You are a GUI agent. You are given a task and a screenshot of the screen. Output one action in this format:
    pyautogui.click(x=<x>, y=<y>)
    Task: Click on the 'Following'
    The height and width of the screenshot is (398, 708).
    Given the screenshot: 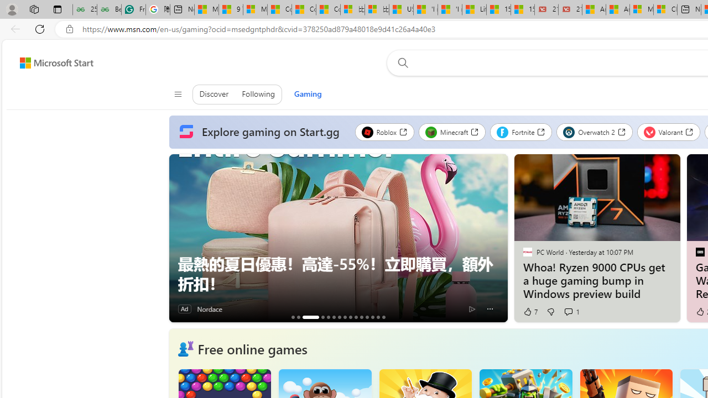 What is the action you would take?
    pyautogui.click(x=258, y=94)
    